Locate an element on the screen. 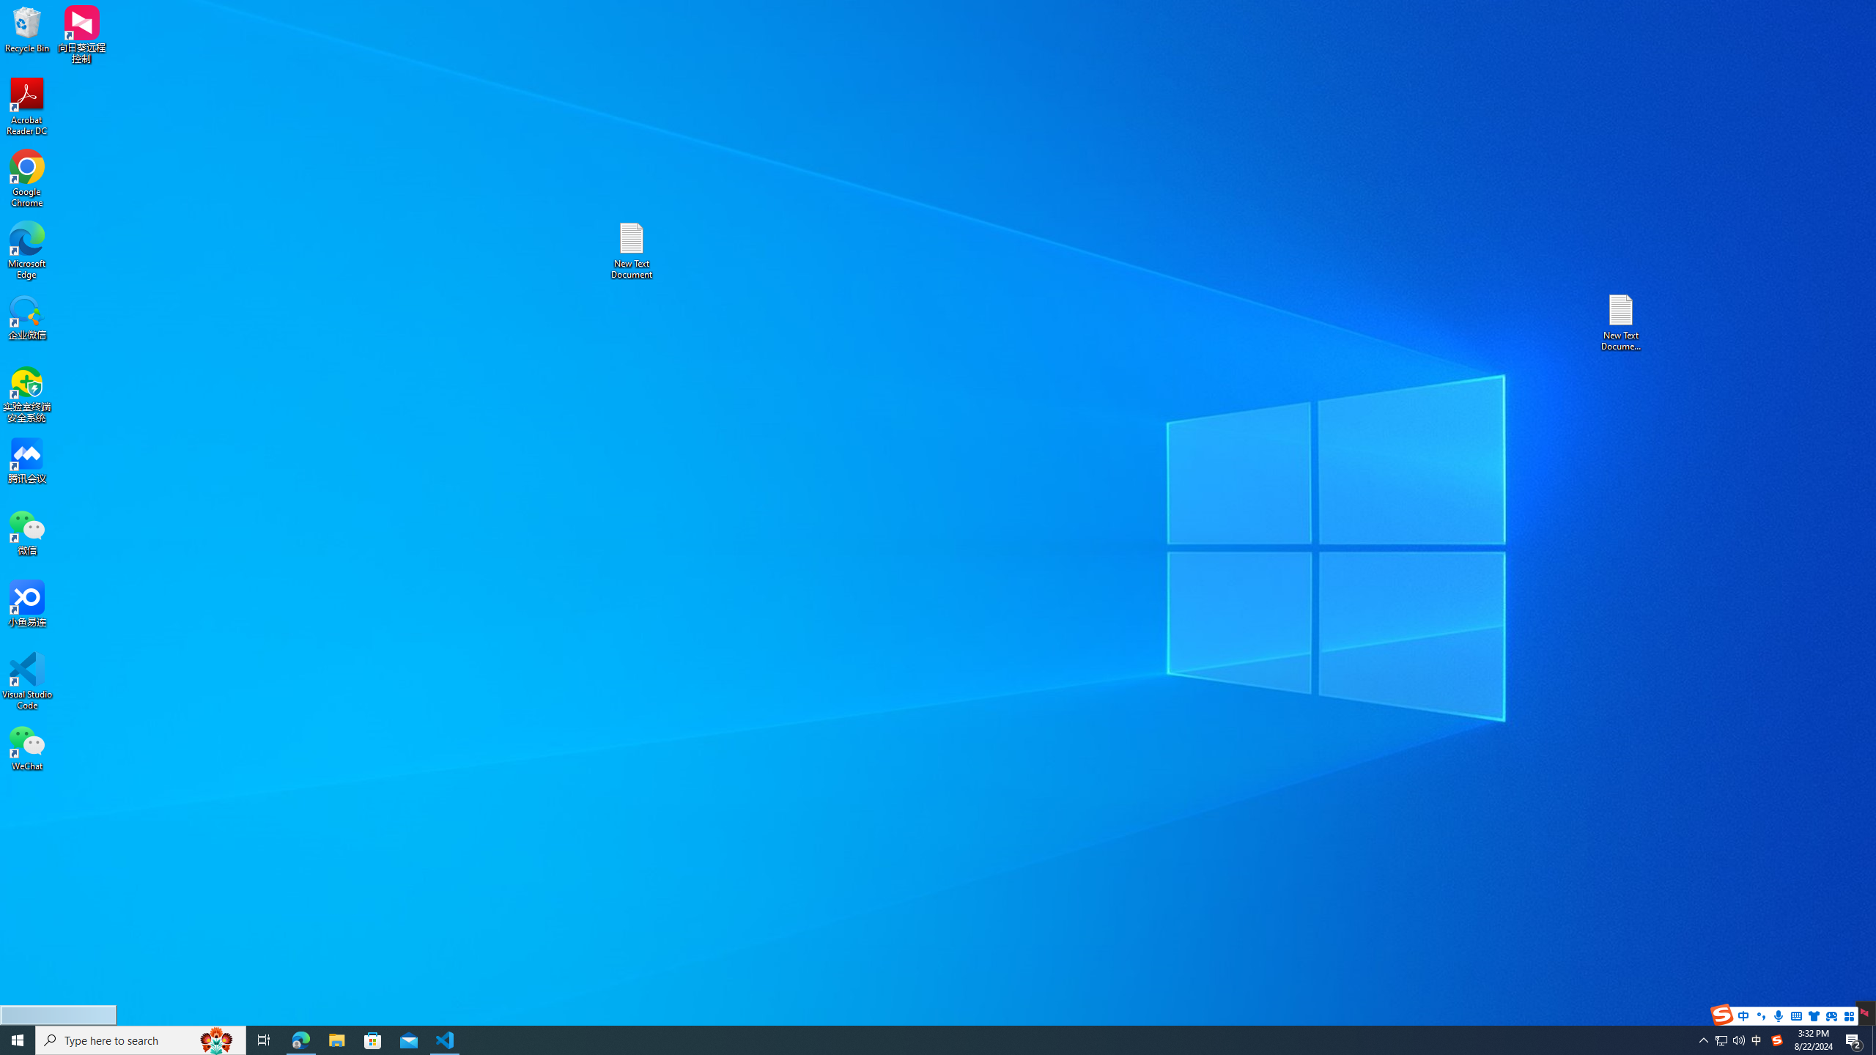 Image resolution: width=1876 pixels, height=1055 pixels. 'Recycle Bin' is located at coordinates (26, 28).